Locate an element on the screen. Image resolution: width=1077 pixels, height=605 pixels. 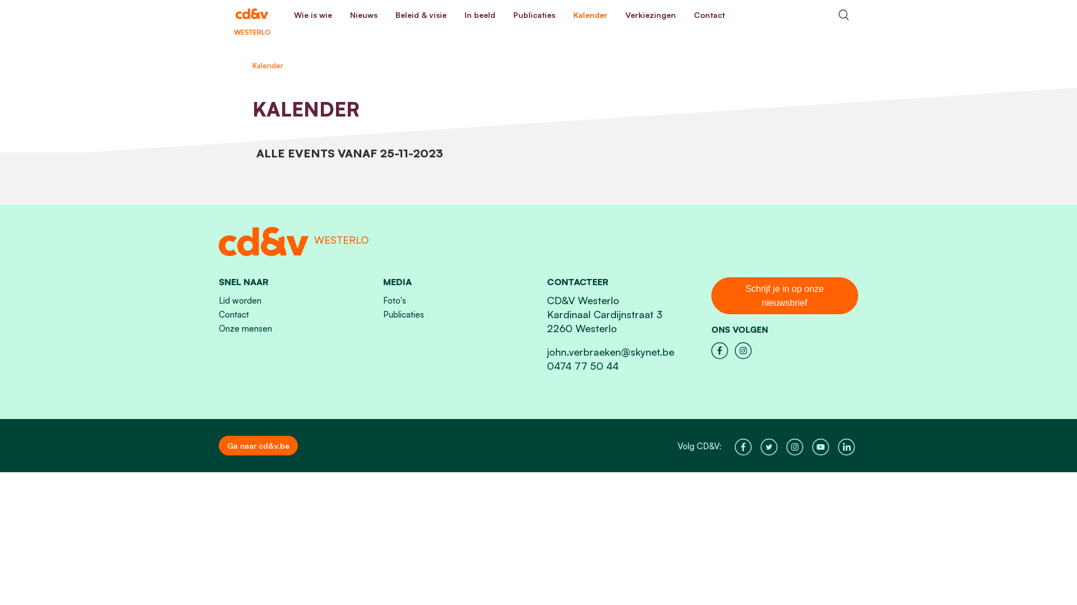
'Foto's' is located at coordinates (382, 300).